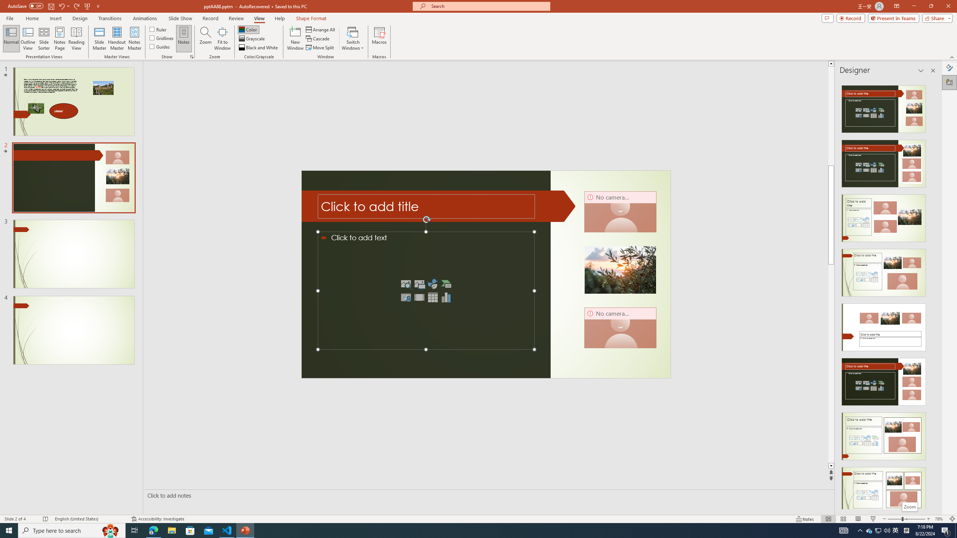 Image resolution: width=957 pixels, height=538 pixels. What do you see at coordinates (425, 290) in the screenshot?
I see `'Content Placeholder'` at bounding box center [425, 290].